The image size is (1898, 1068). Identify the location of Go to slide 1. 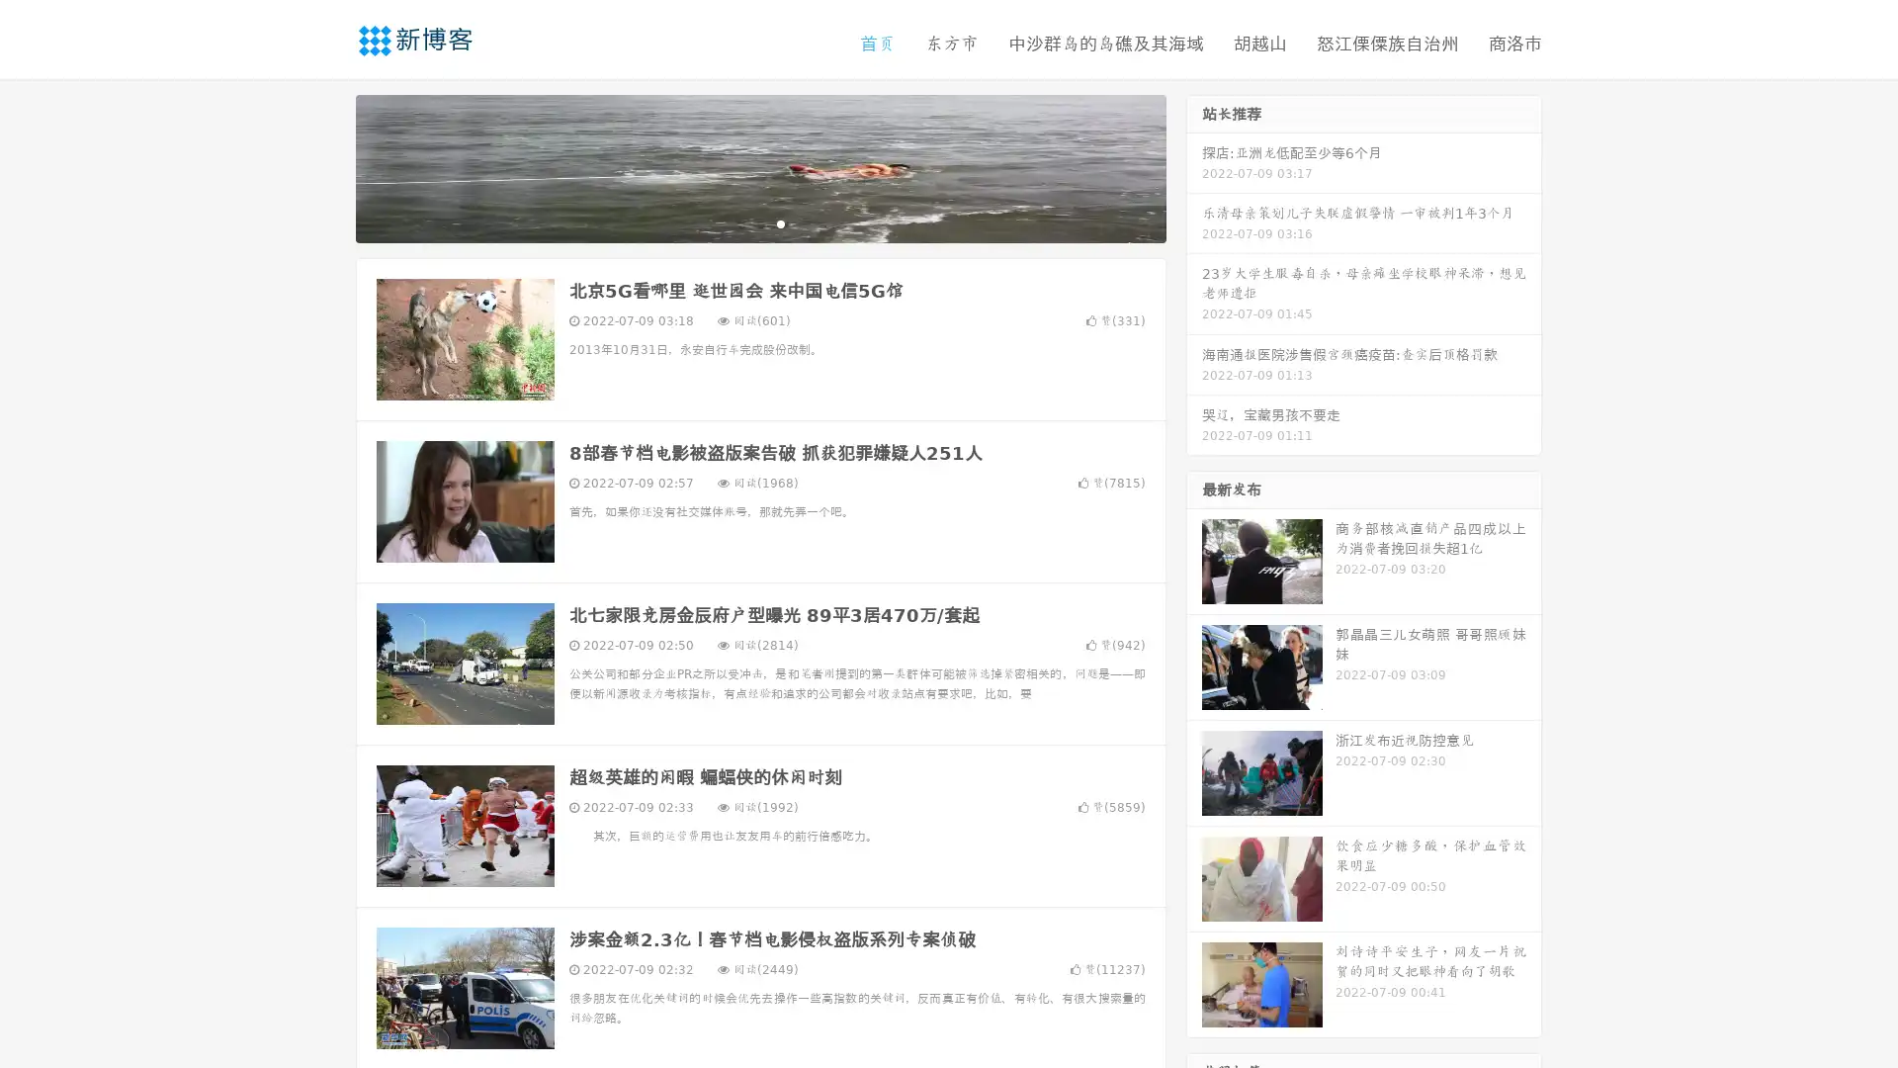
(739, 222).